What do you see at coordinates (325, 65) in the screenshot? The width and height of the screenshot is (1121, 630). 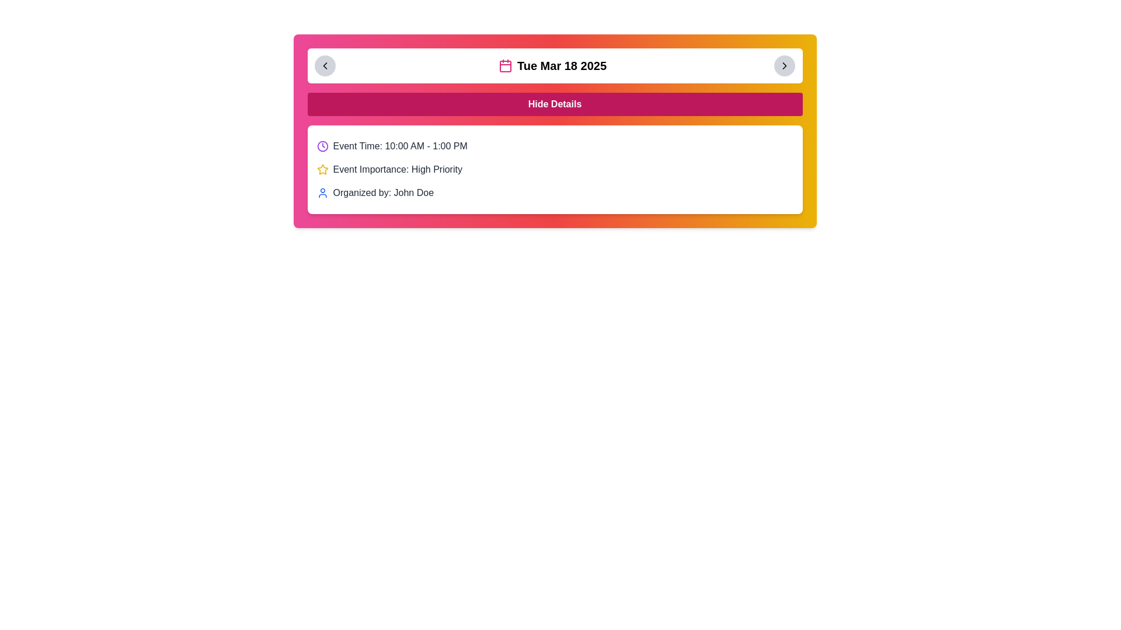 I see `the left-pointing chevron SVG icon within the circular button located at the upper left corner of the calendar card header` at bounding box center [325, 65].